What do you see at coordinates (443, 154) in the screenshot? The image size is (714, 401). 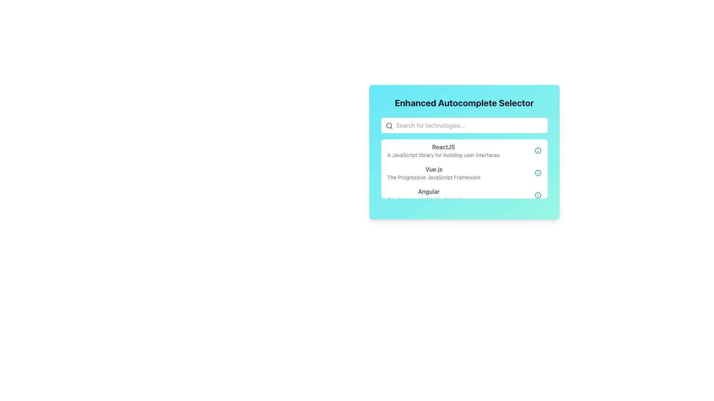 I see `informational text label located beneath the 'ReactJS' label, which provides additional context about the technology` at bounding box center [443, 154].